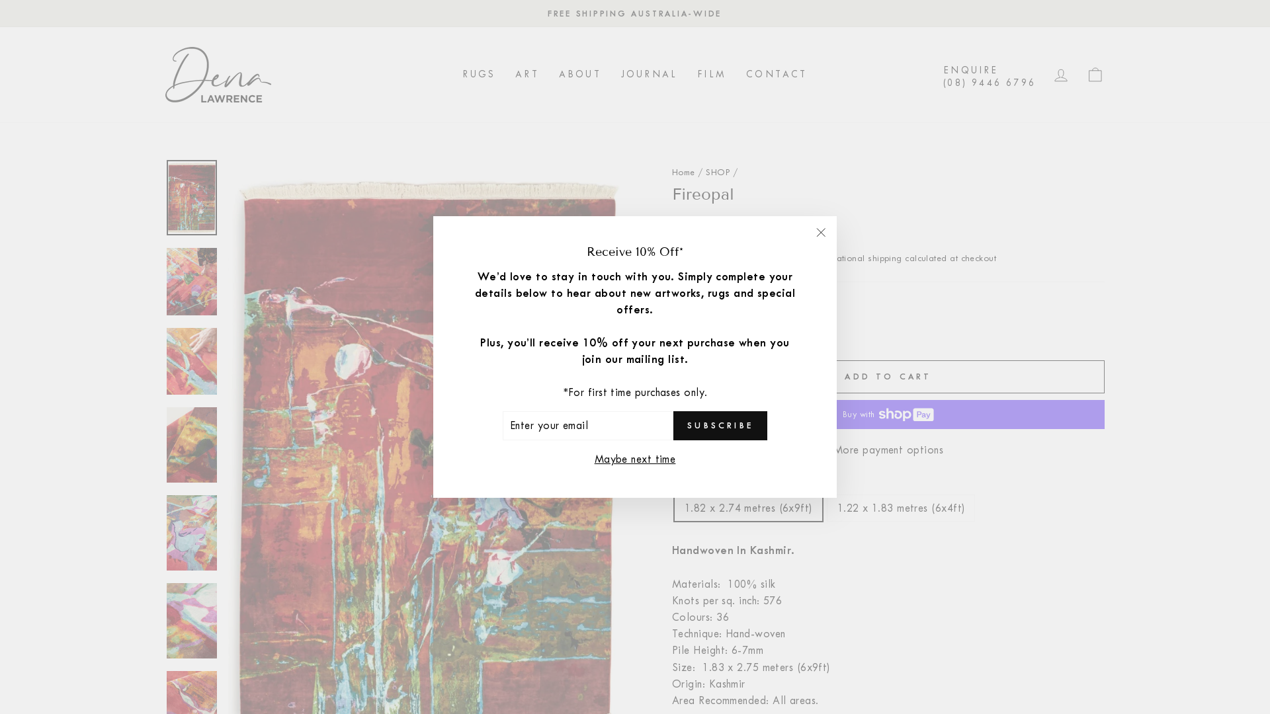 Image resolution: width=1270 pixels, height=714 pixels. I want to click on 'RUGS', so click(478, 75).